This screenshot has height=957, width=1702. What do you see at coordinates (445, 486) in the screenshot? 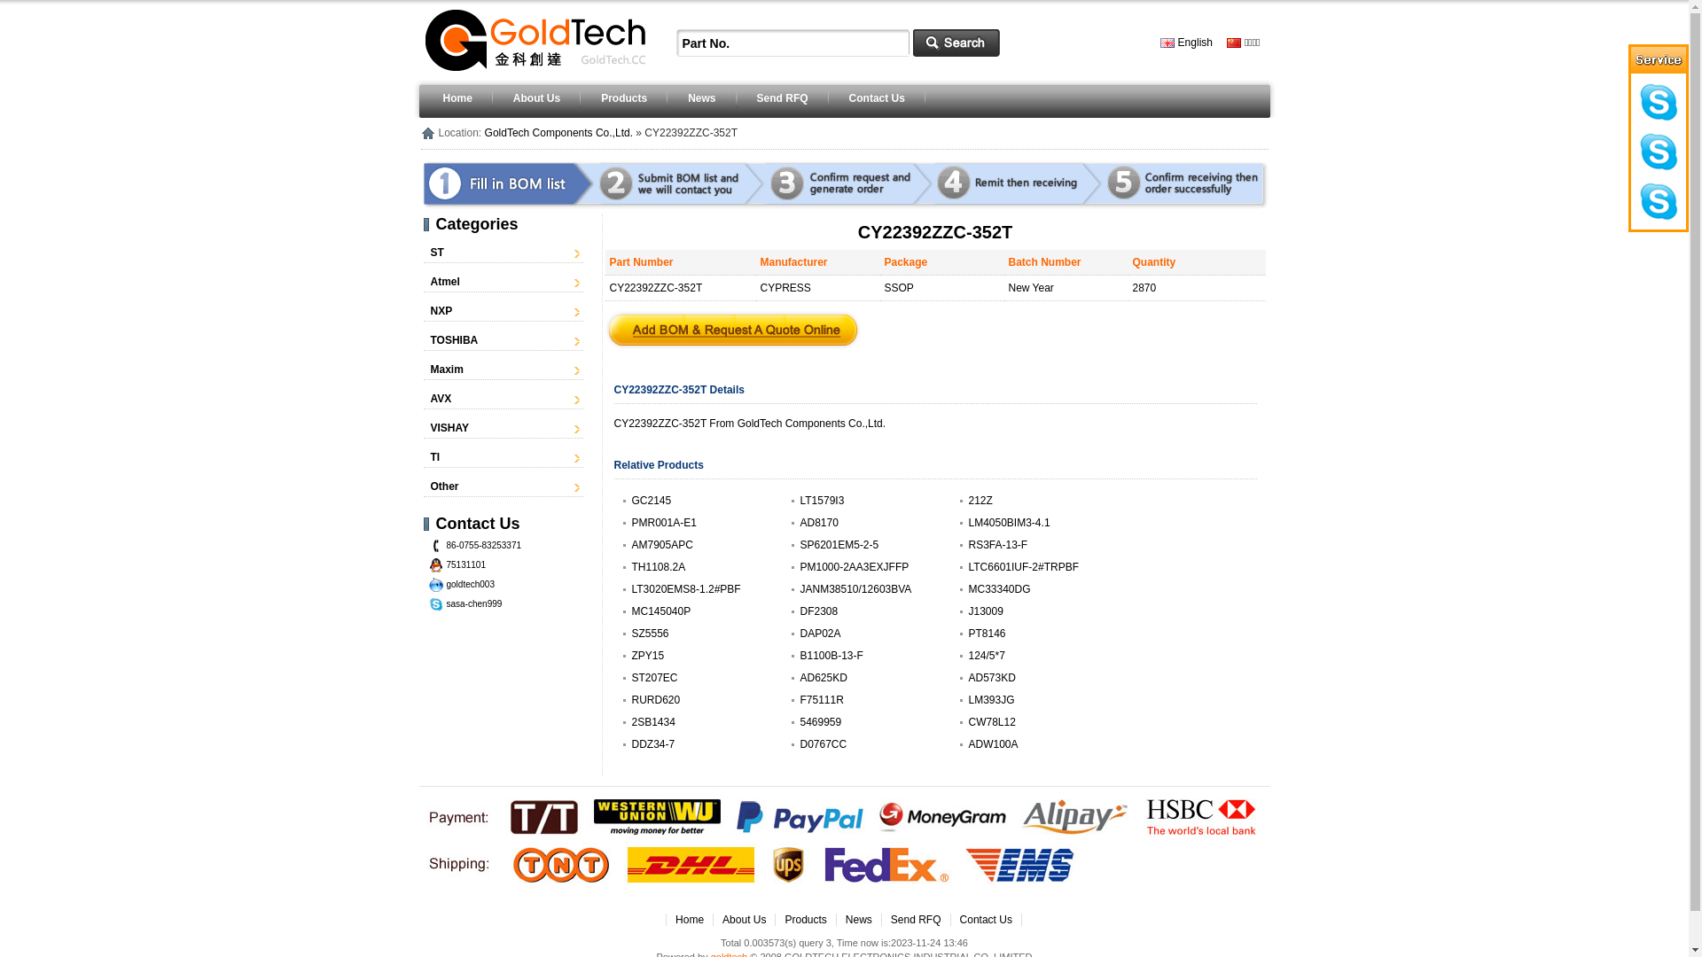
I see `'Other'` at bounding box center [445, 486].